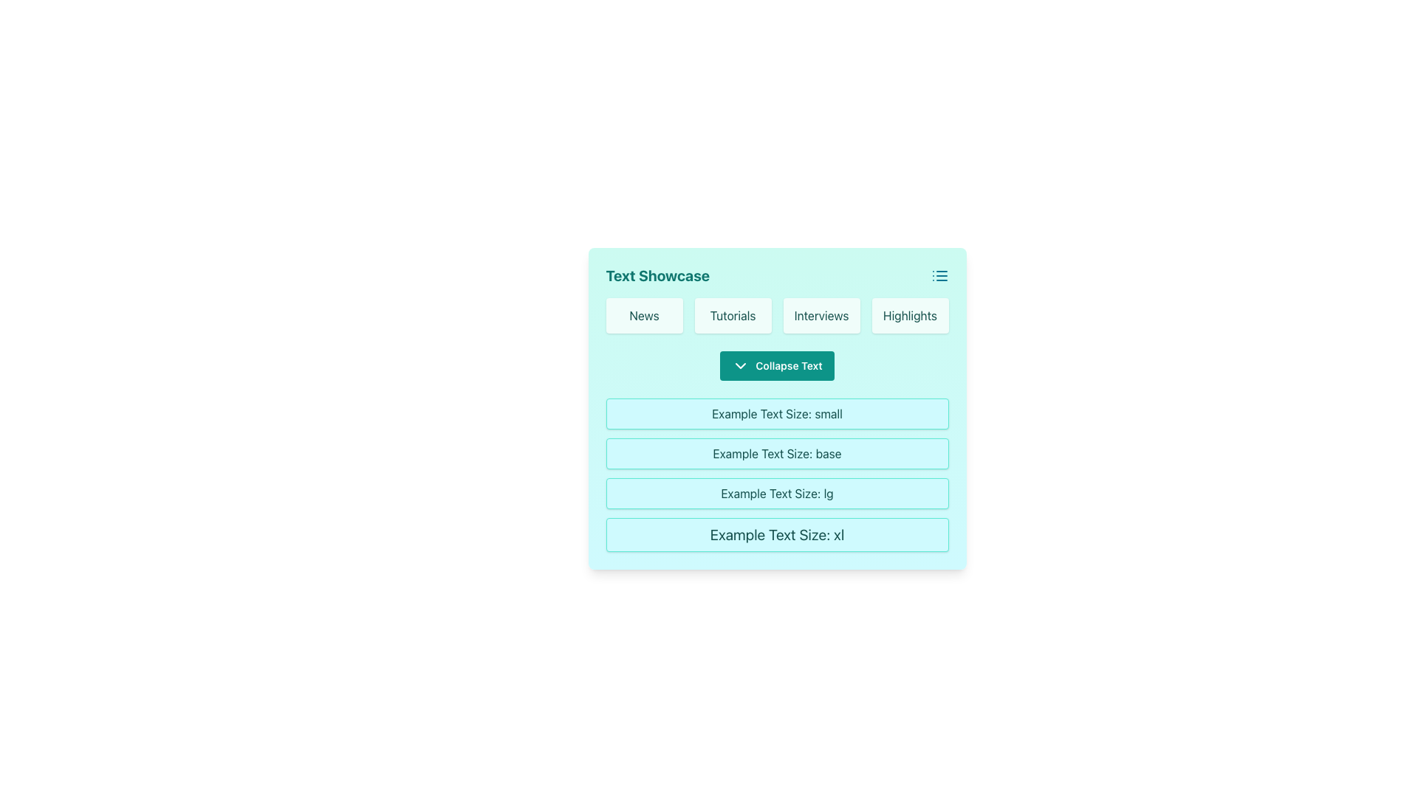 The image size is (1418, 797). Describe the element at coordinates (821, 315) in the screenshot. I see `the 'Interviews' button, which is a teal rectangular button with rounded corners and the label 'Interviews' centered in it` at that location.